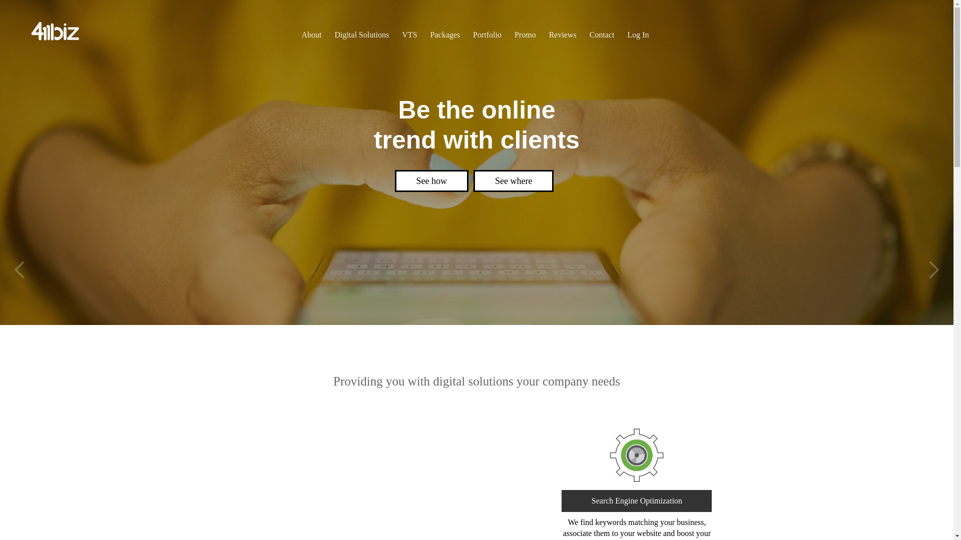  What do you see at coordinates (388, 181) in the screenshot?
I see `'See how'` at bounding box center [388, 181].